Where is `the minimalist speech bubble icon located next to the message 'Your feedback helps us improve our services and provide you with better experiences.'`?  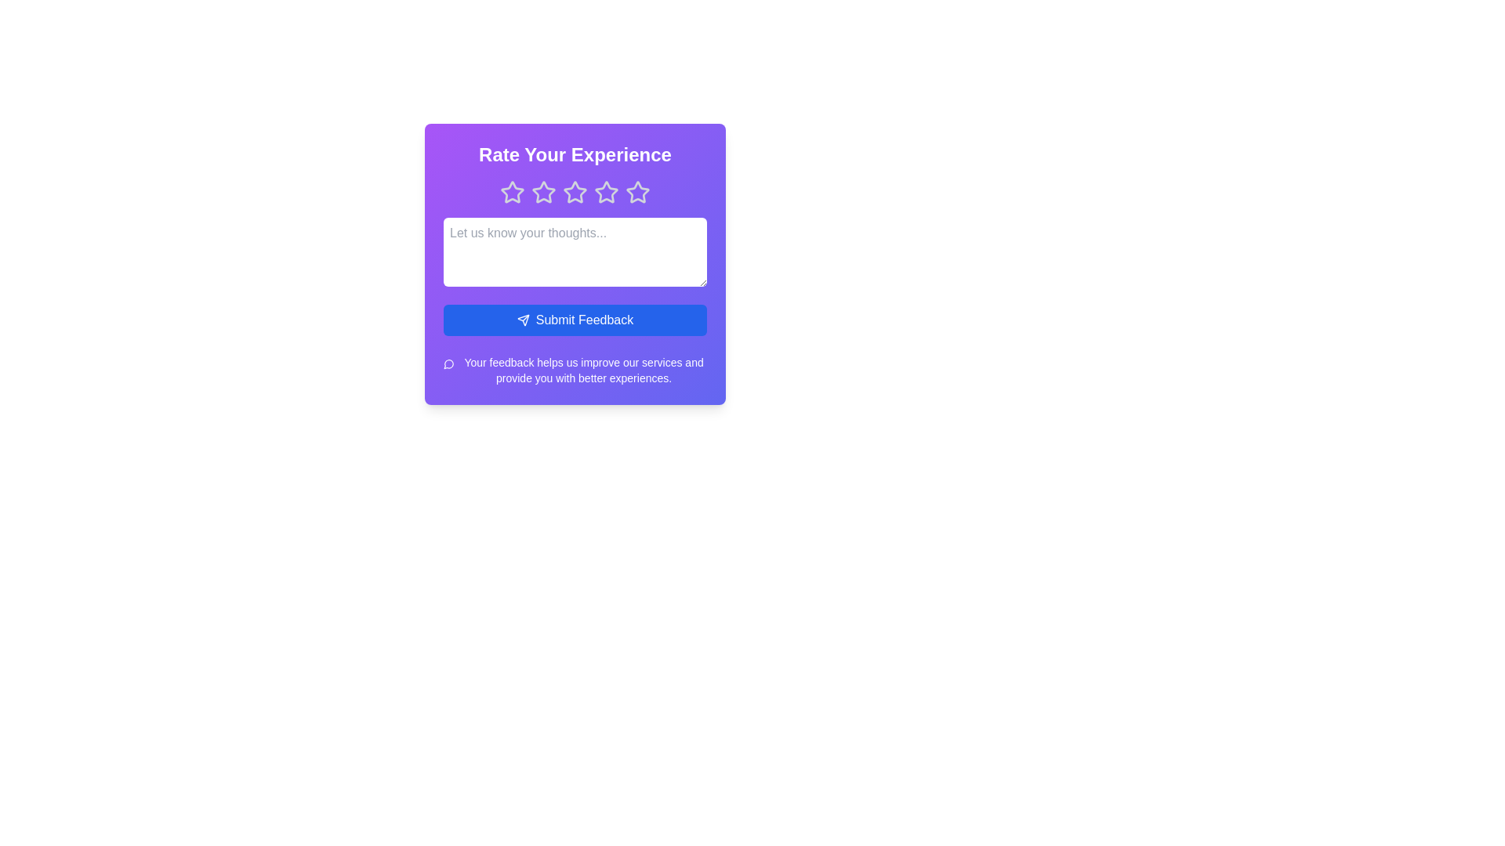 the minimalist speech bubble icon located next to the message 'Your feedback helps us improve our services and provide you with better experiences.' is located at coordinates (448, 364).